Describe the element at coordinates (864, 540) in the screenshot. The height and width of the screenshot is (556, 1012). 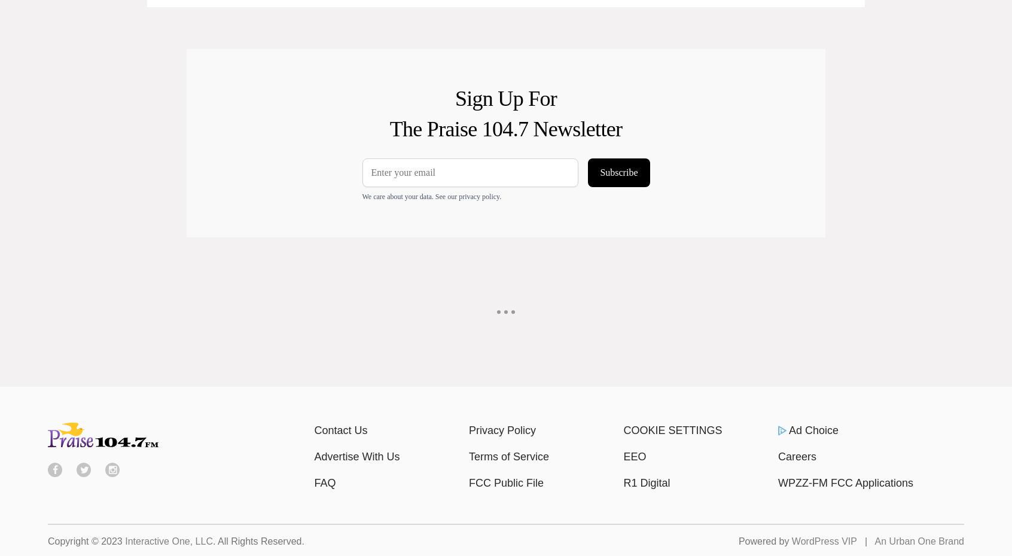
I see `'|'` at that location.